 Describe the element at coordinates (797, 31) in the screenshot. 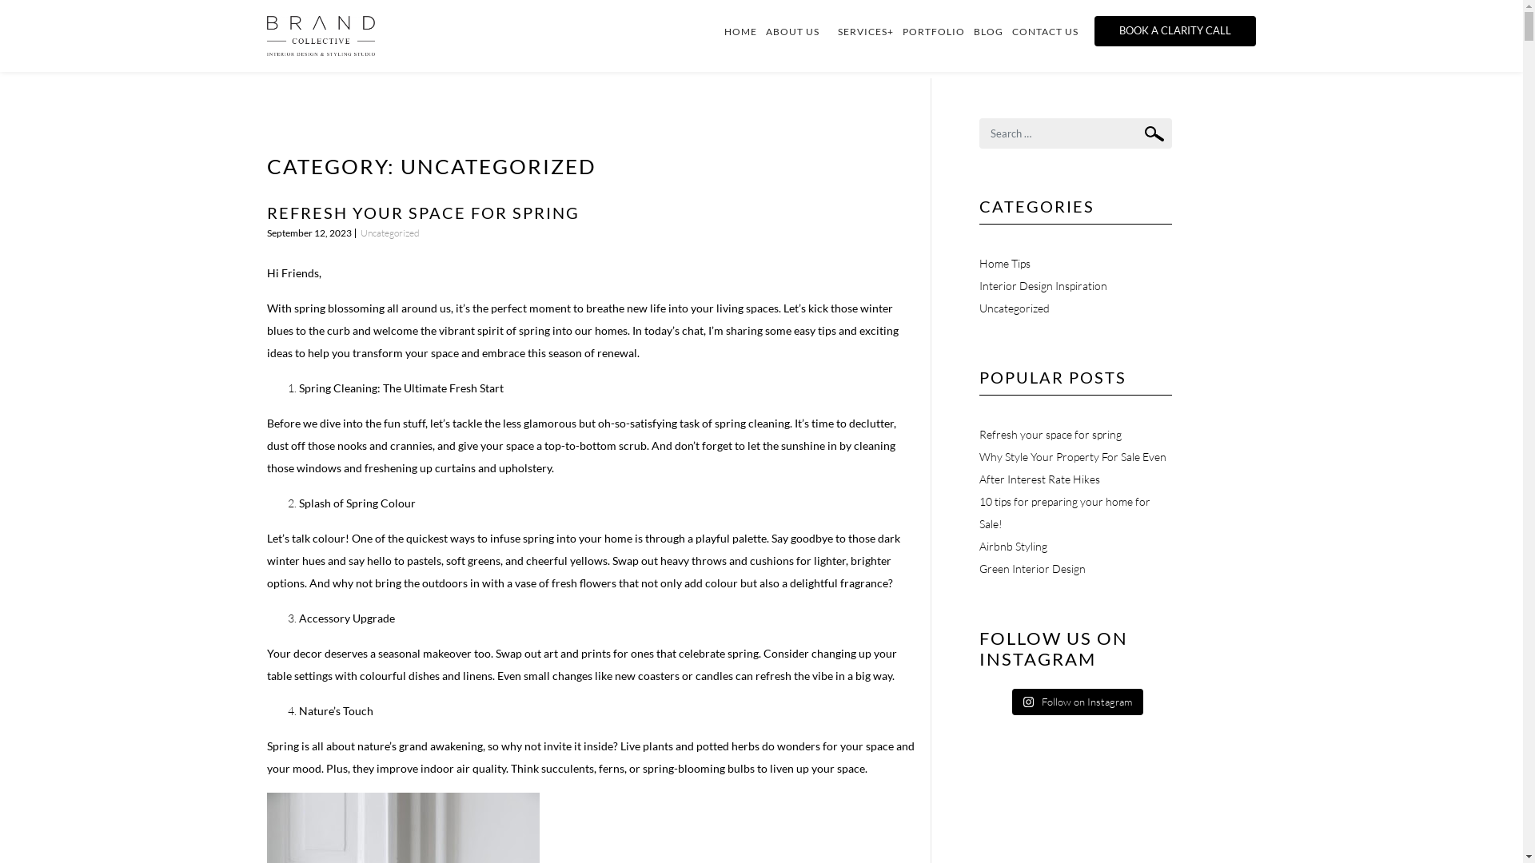

I see `'ABOUT US'` at that location.